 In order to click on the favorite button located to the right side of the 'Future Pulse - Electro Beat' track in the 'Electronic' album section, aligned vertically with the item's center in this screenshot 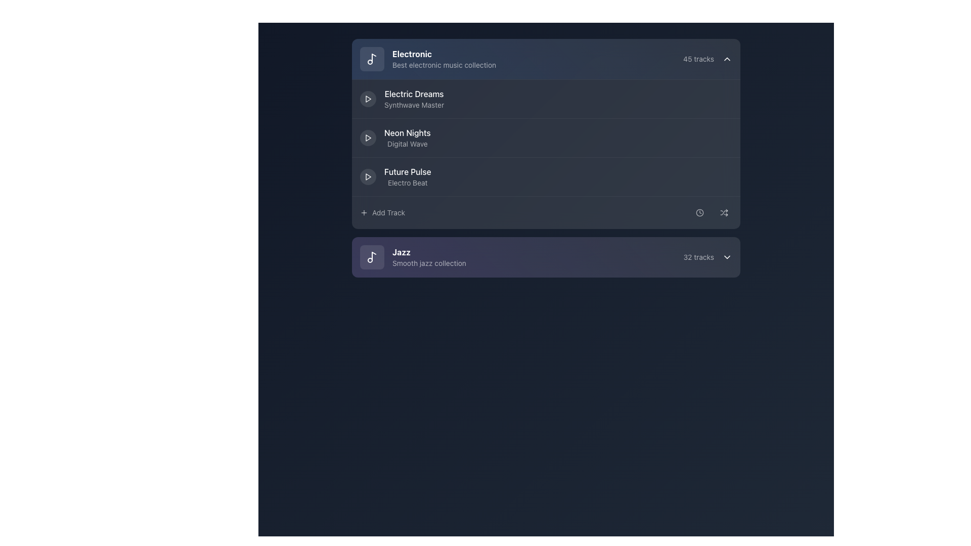, I will do `click(677, 176)`.